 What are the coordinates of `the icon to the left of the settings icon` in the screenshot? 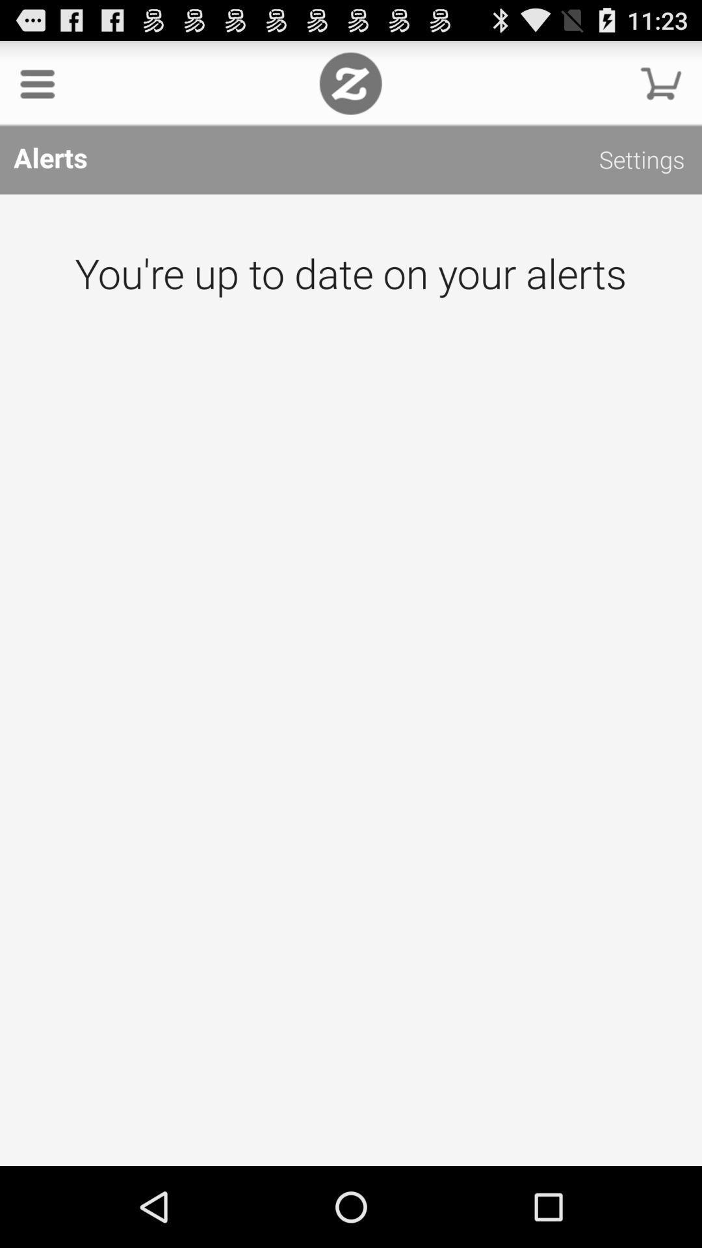 It's located at (350, 83).